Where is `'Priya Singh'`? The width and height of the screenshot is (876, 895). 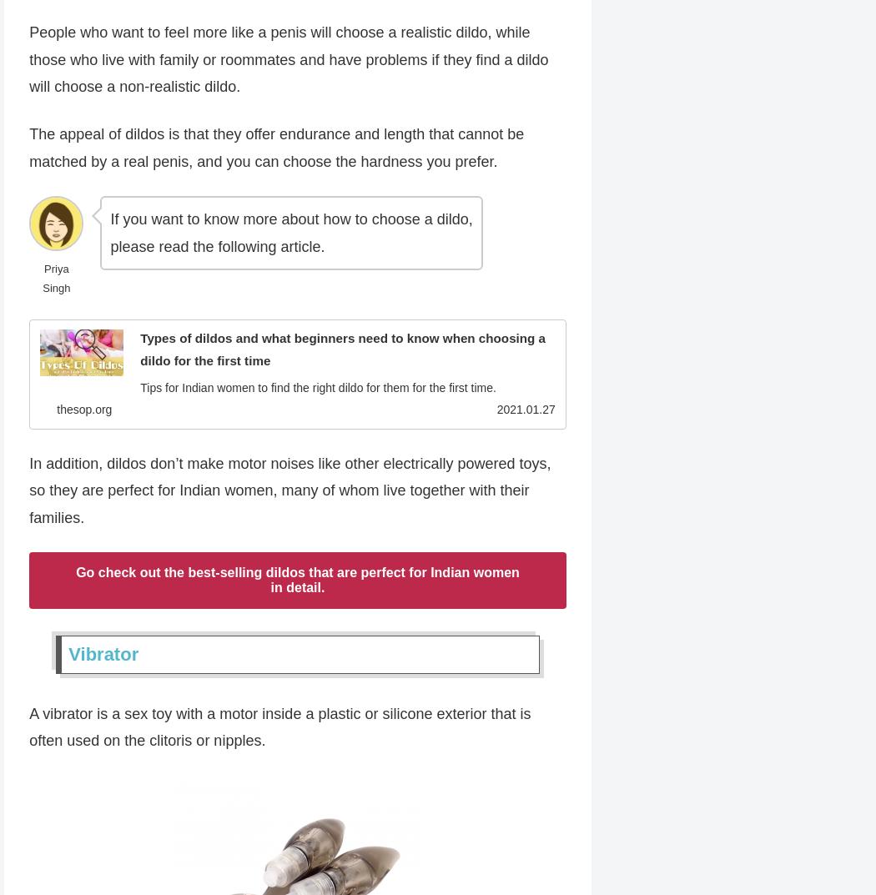 'Priya Singh' is located at coordinates (55, 279).